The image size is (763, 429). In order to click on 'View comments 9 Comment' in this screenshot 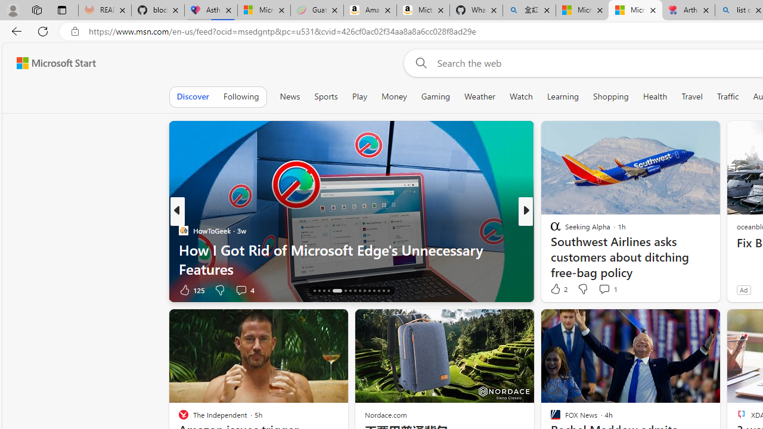, I will do `click(604, 290)`.